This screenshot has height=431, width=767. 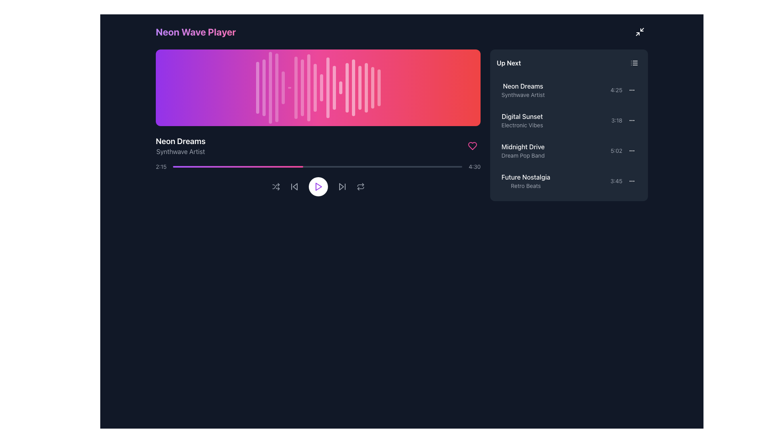 I want to click on the song duration displayed in the gray text label '5:02' located to the right of the 'Midnight Drive' song title in the 'Up Next' list, so click(x=616, y=151).